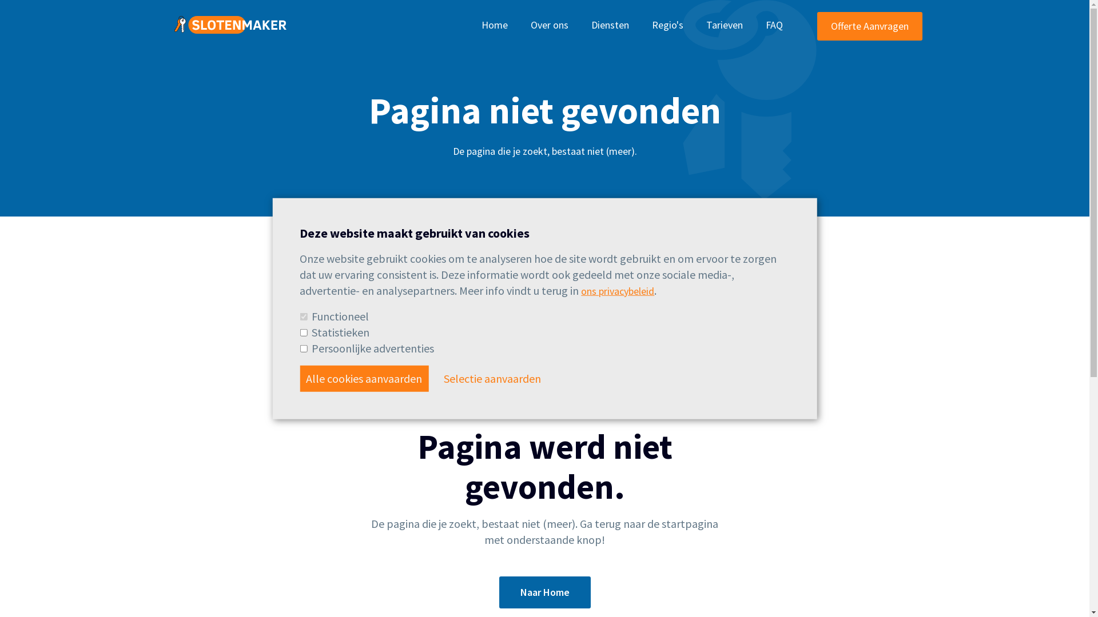 The image size is (1098, 617). I want to click on 'Alle cookies aanvaarden', so click(363, 378).